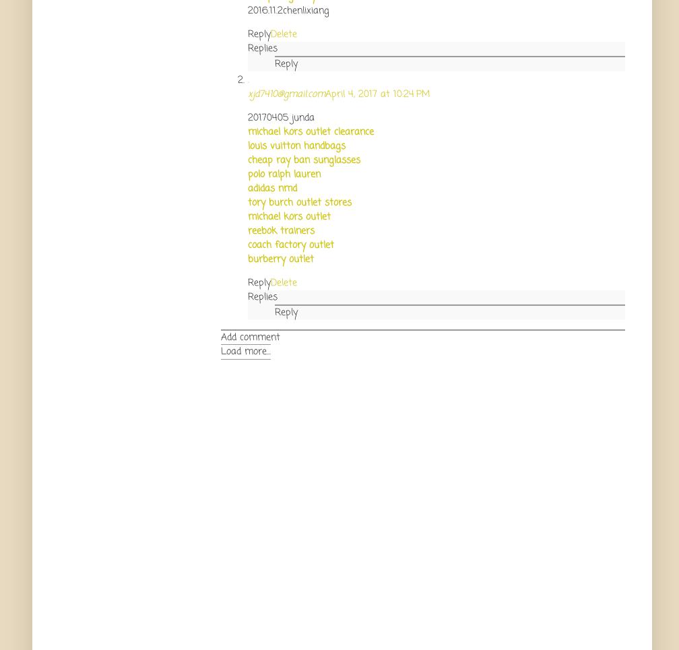 This screenshot has height=650, width=679. Describe the element at coordinates (300, 201) in the screenshot. I see `'tory burch outlet stores'` at that location.